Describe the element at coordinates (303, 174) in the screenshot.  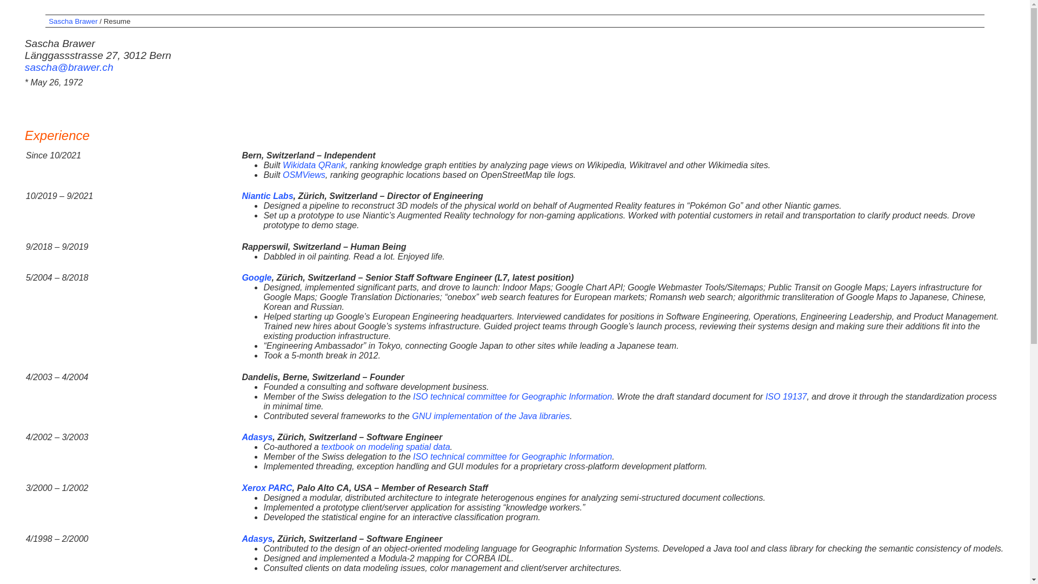
I see `'OSMViews'` at that location.